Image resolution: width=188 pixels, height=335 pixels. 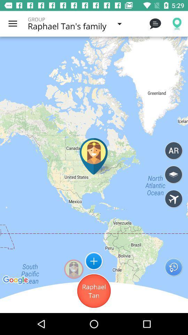 I want to click on the location button on the top right corner of the web page, so click(x=177, y=24).